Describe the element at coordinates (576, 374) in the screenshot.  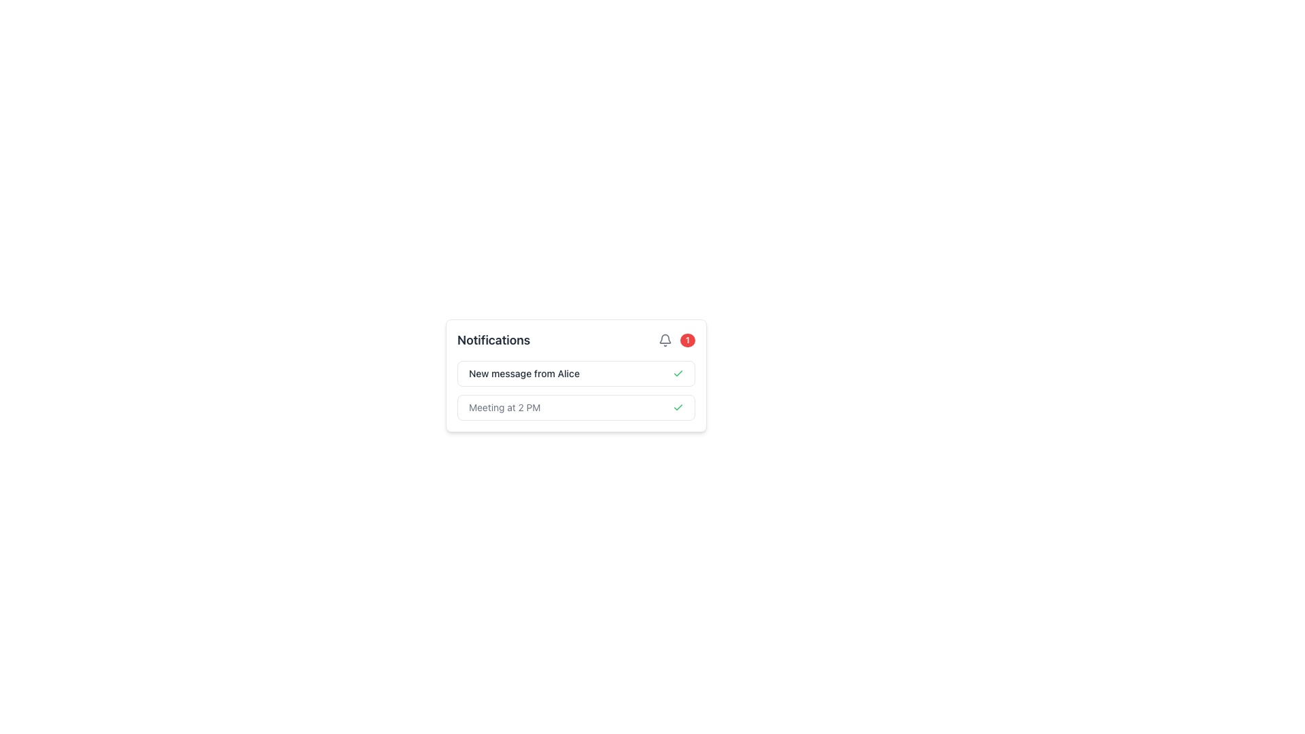
I see `the Notification Item displaying 'New message from Alice'` at that location.